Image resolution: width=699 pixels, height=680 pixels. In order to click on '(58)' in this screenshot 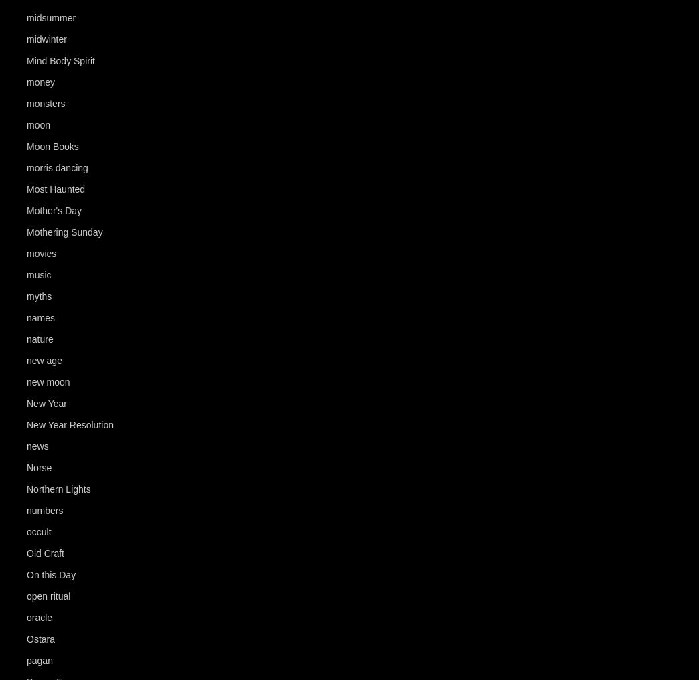, I will do `click(78, 17)`.